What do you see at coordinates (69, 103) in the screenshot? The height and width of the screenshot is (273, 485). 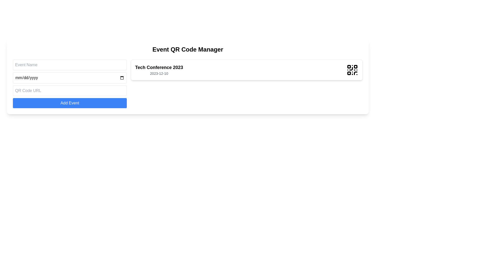 I see `the 'Add Event' button, which has a bright blue background and white text, located at the bottom of a vertical column of form inputs` at bounding box center [69, 103].